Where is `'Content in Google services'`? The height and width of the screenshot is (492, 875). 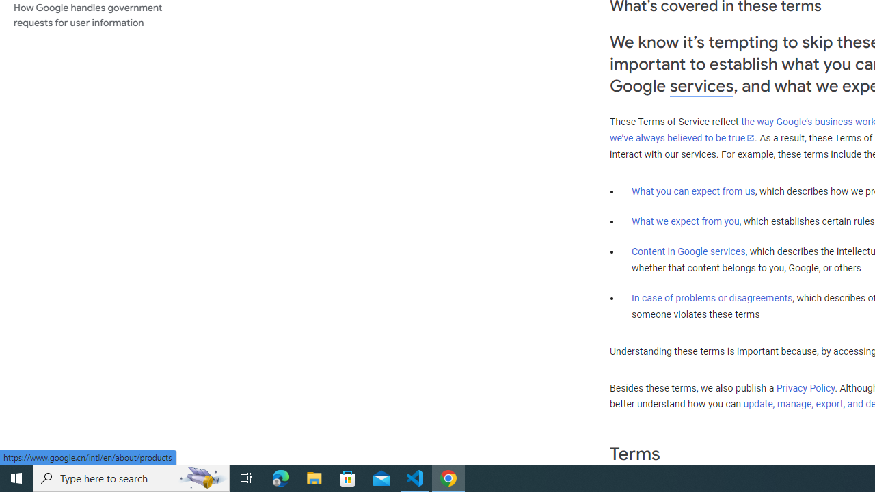
'Content in Google services' is located at coordinates (688, 251).